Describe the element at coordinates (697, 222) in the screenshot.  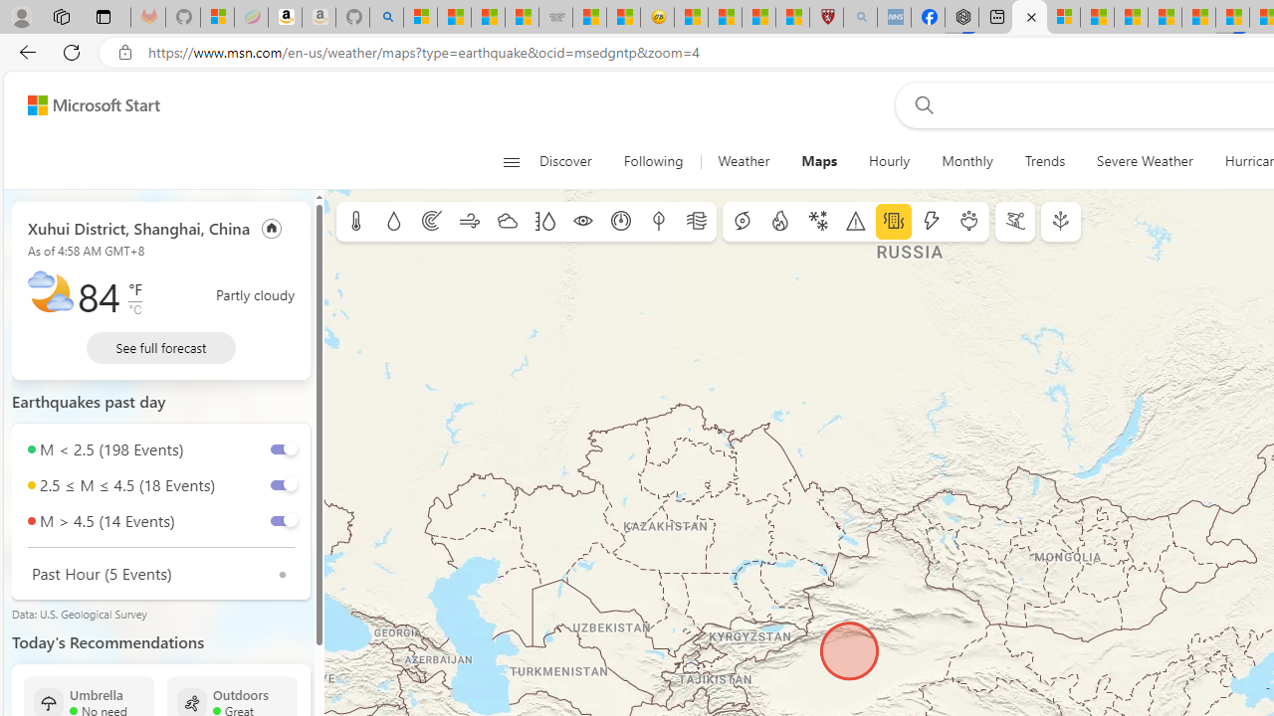
I see `'Air quality'` at that location.